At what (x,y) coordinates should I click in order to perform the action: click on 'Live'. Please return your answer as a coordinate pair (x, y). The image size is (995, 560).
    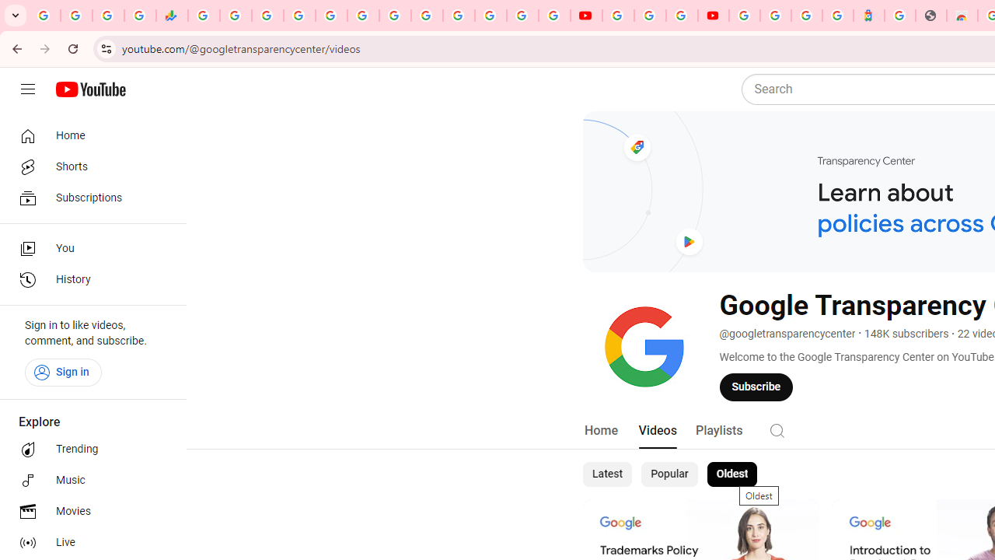
    Looking at the image, I should click on (87, 542).